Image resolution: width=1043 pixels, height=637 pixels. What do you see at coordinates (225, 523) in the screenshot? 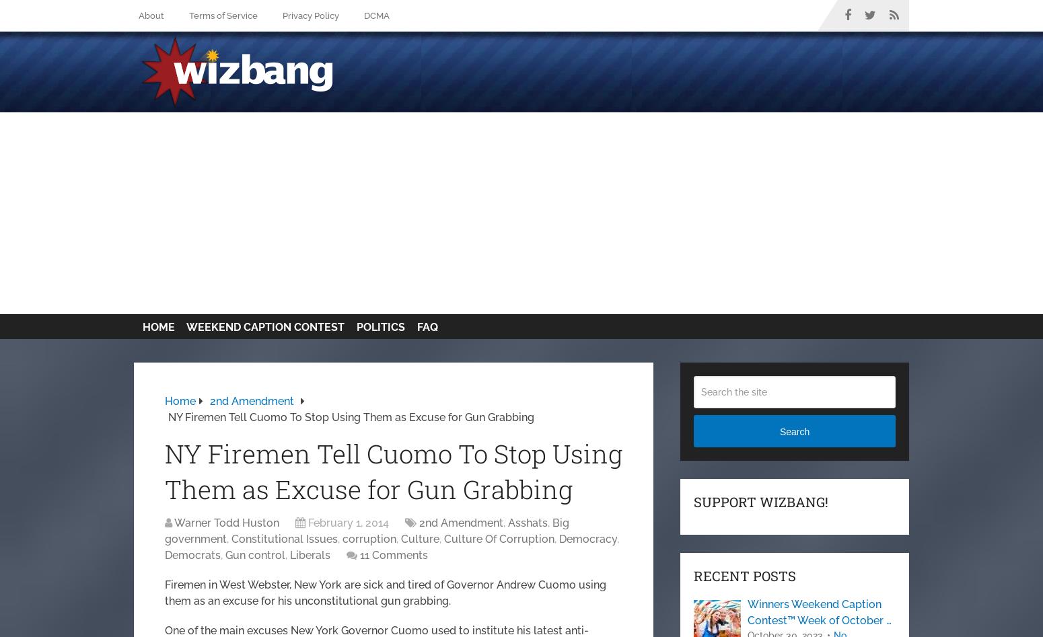
I see `'Warner Todd Huston'` at bounding box center [225, 523].